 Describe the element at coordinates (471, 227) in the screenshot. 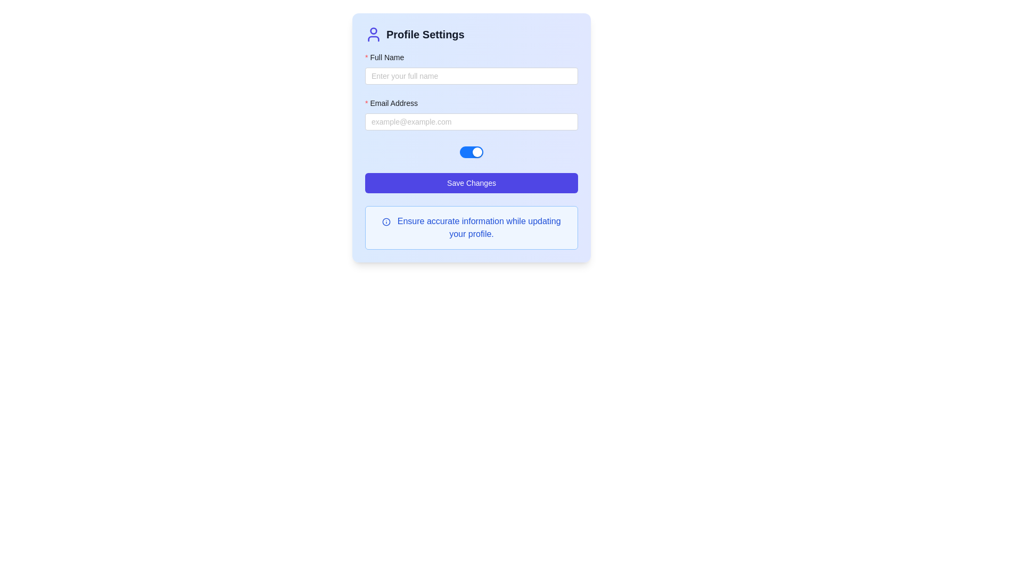

I see `the Informational Notification Box located at the bottom of the 'Profile Settings' card by clicking on it` at that location.